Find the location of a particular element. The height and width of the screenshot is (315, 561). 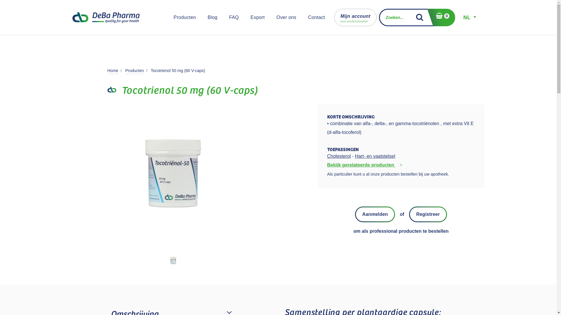

'Zoek' is located at coordinates (422, 17).